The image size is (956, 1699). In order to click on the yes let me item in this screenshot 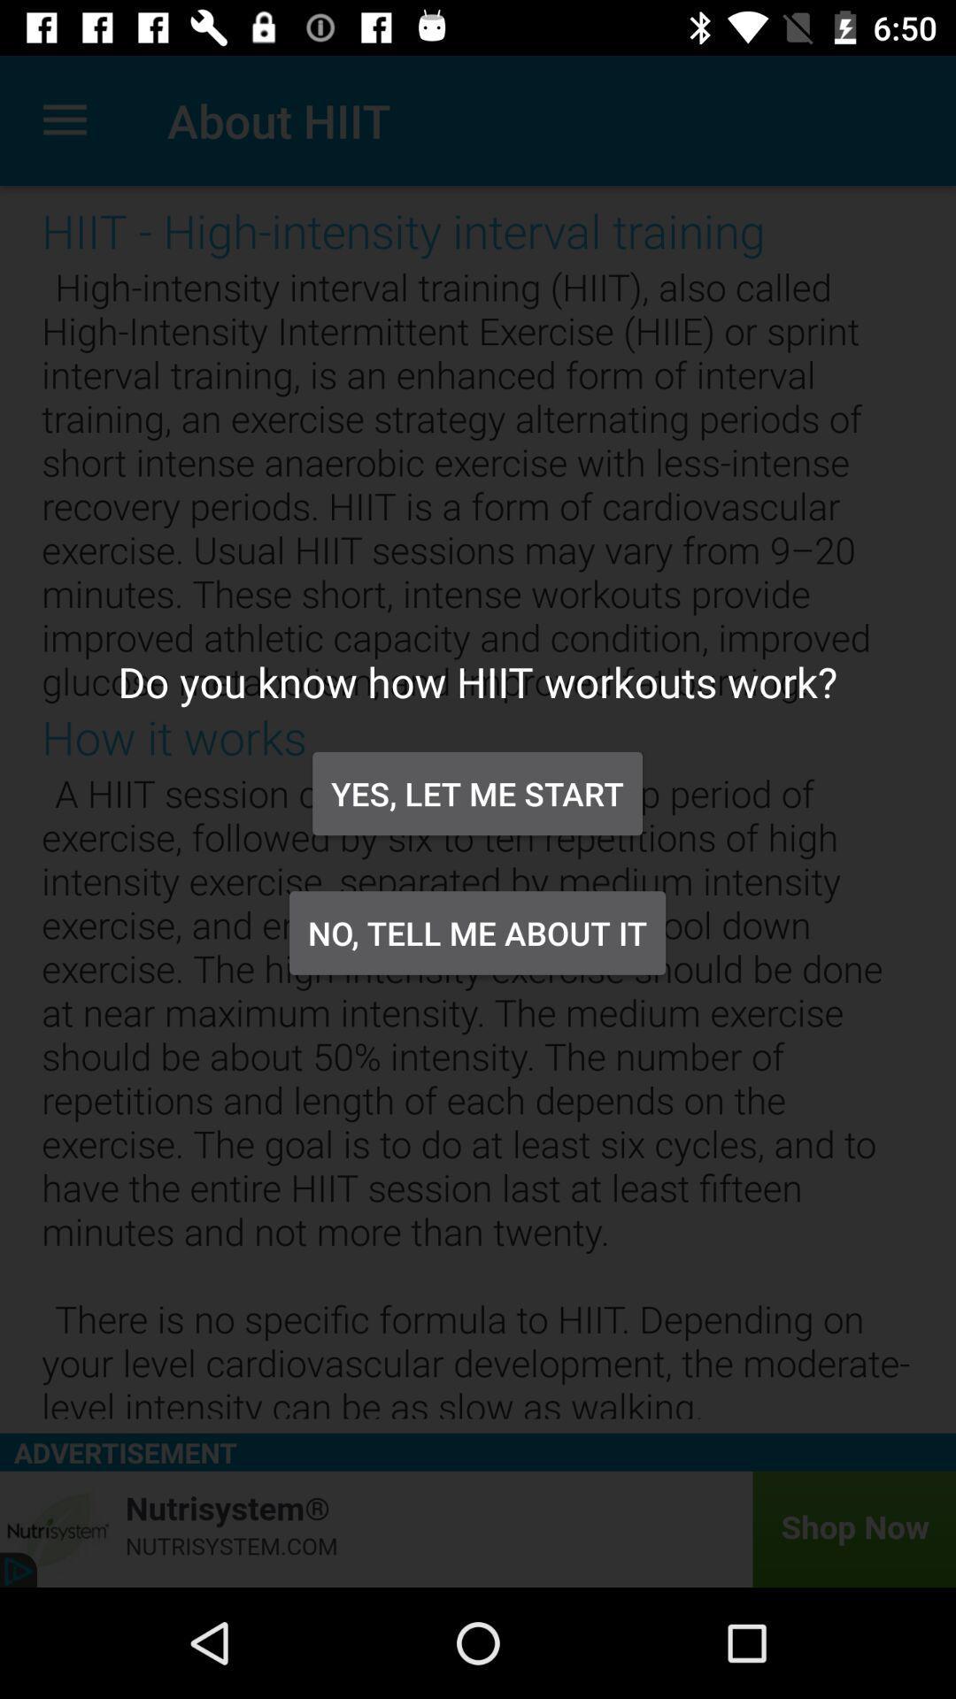, I will do `click(476, 793)`.